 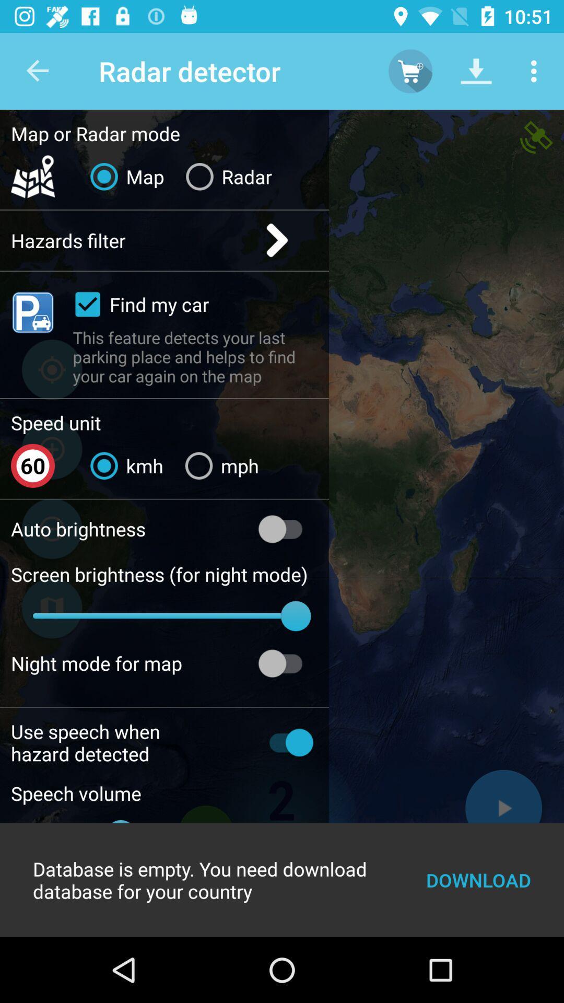 I want to click on the location_crosshair icon, so click(x=52, y=370).